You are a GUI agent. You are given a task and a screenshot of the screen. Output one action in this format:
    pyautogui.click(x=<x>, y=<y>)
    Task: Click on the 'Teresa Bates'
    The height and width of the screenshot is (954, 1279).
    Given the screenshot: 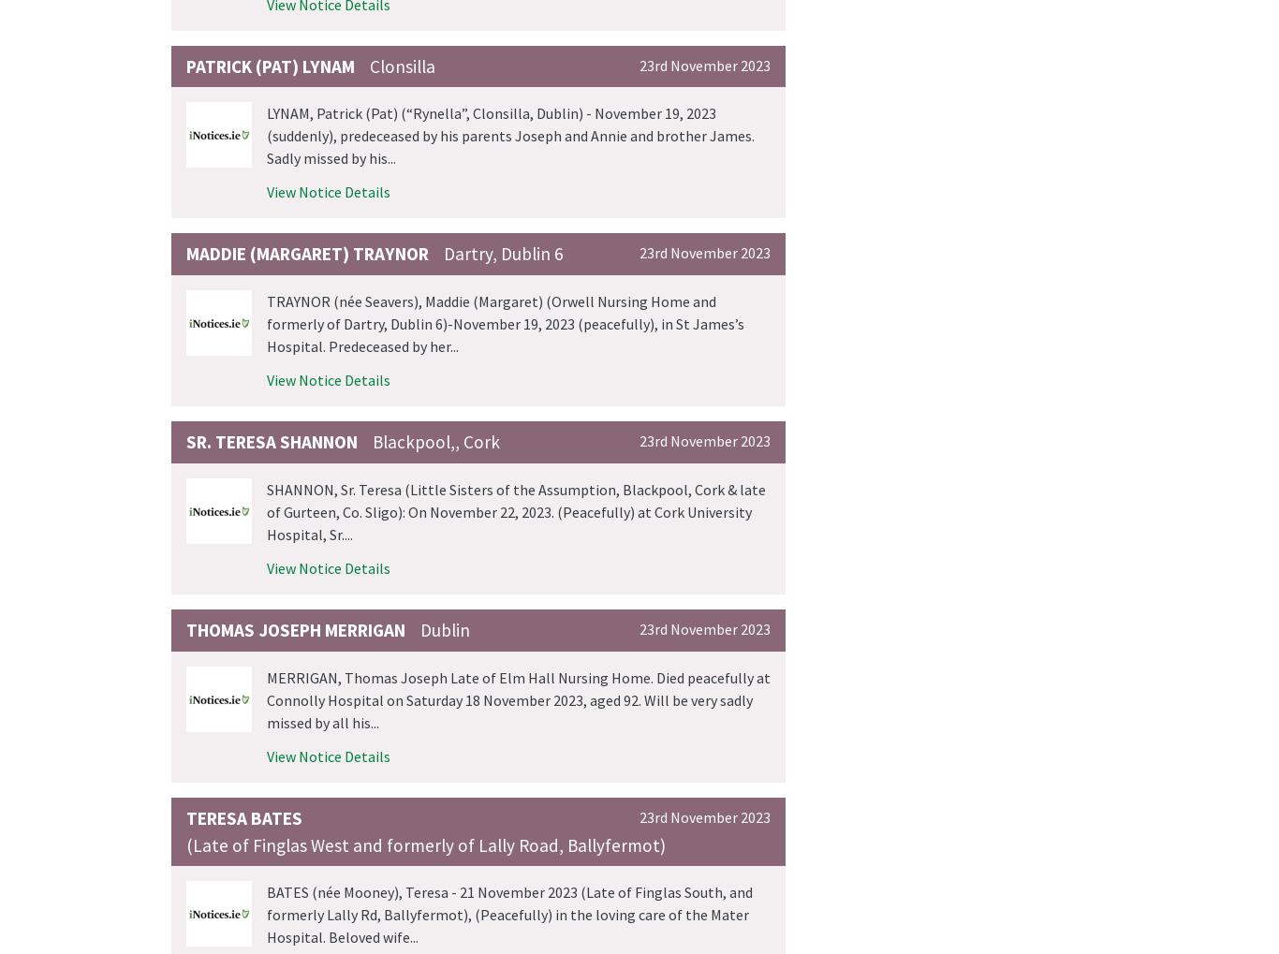 What is the action you would take?
    pyautogui.click(x=244, y=815)
    